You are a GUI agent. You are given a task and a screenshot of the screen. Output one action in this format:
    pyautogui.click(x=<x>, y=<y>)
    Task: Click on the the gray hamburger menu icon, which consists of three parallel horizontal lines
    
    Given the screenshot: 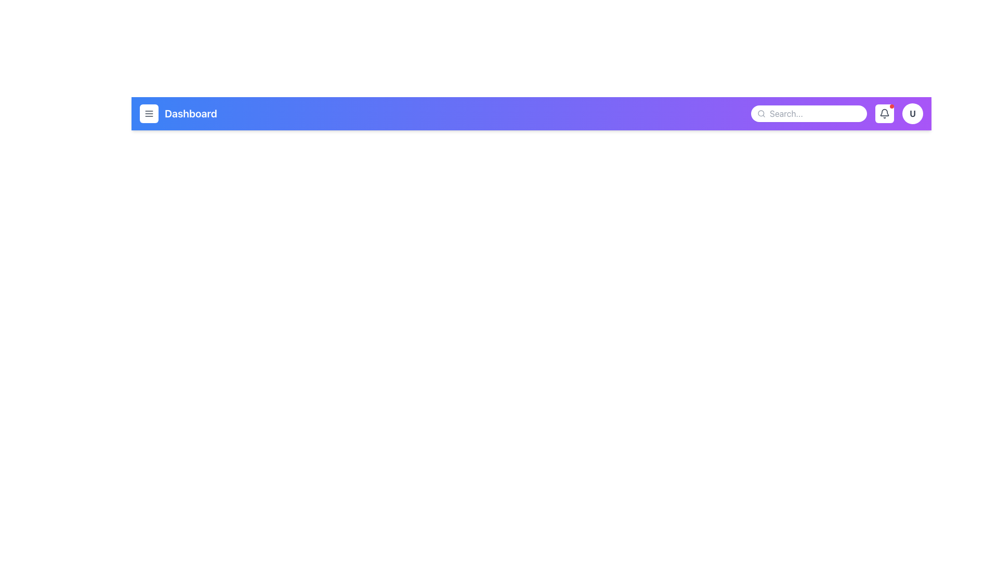 What is the action you would take?
    pyautogui.click(x=149, y=114)
    